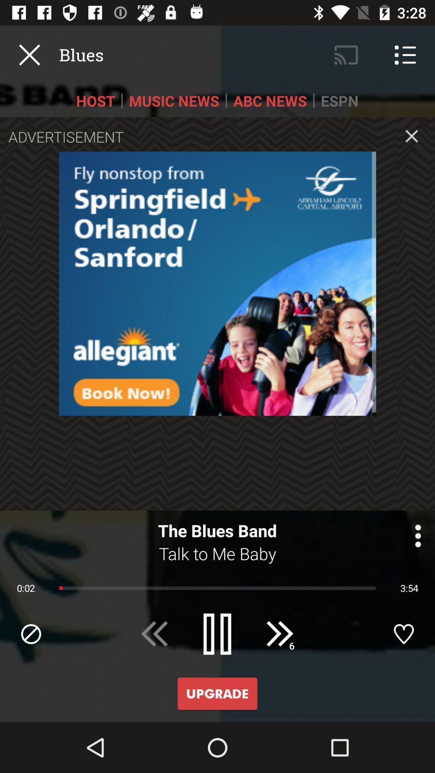  Describe the element at coordinates (404, 633) in the screenshot. I see `the favorite icon` at that location.